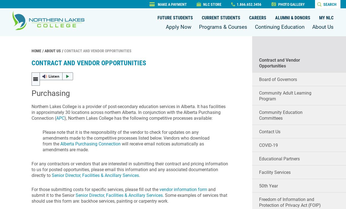 The width and height of the screenshot is (346, 209). Describe the element at coordinates (31, 189) in the screenshot. I see `'For those submitting costs for specific services, ​please fill out the'` at that location.